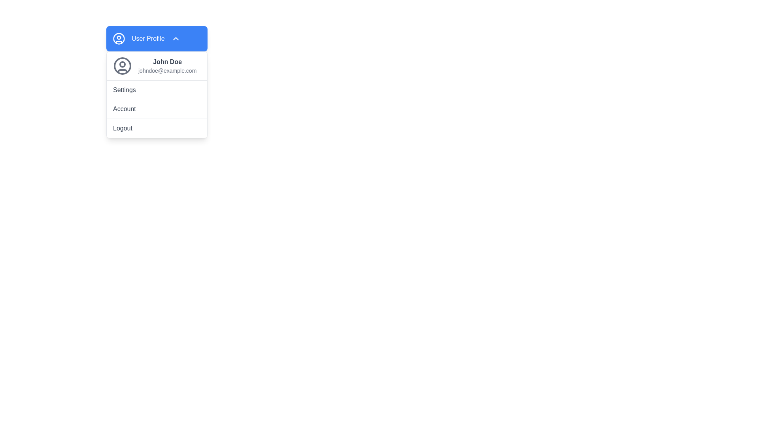  I want to click on the 'User Profile' text label, which is styled with a white font on a blue background and centrally aligned in the top bar of the dropdown section, situated between a circular user icon and a downward-facing chevron icon, so click(148, 38).